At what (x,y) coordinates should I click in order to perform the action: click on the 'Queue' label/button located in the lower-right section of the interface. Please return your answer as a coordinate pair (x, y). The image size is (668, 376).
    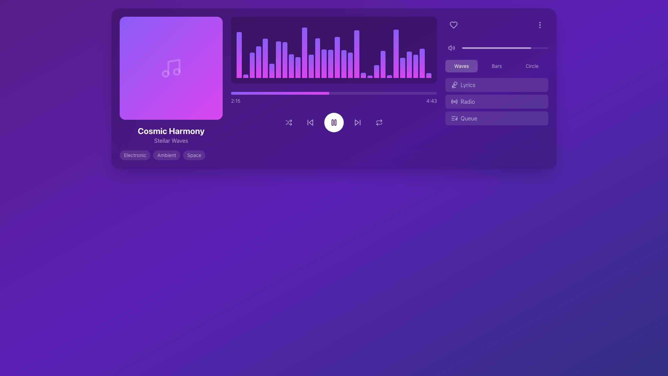
    Looking at the image, I should click on (469, 118).